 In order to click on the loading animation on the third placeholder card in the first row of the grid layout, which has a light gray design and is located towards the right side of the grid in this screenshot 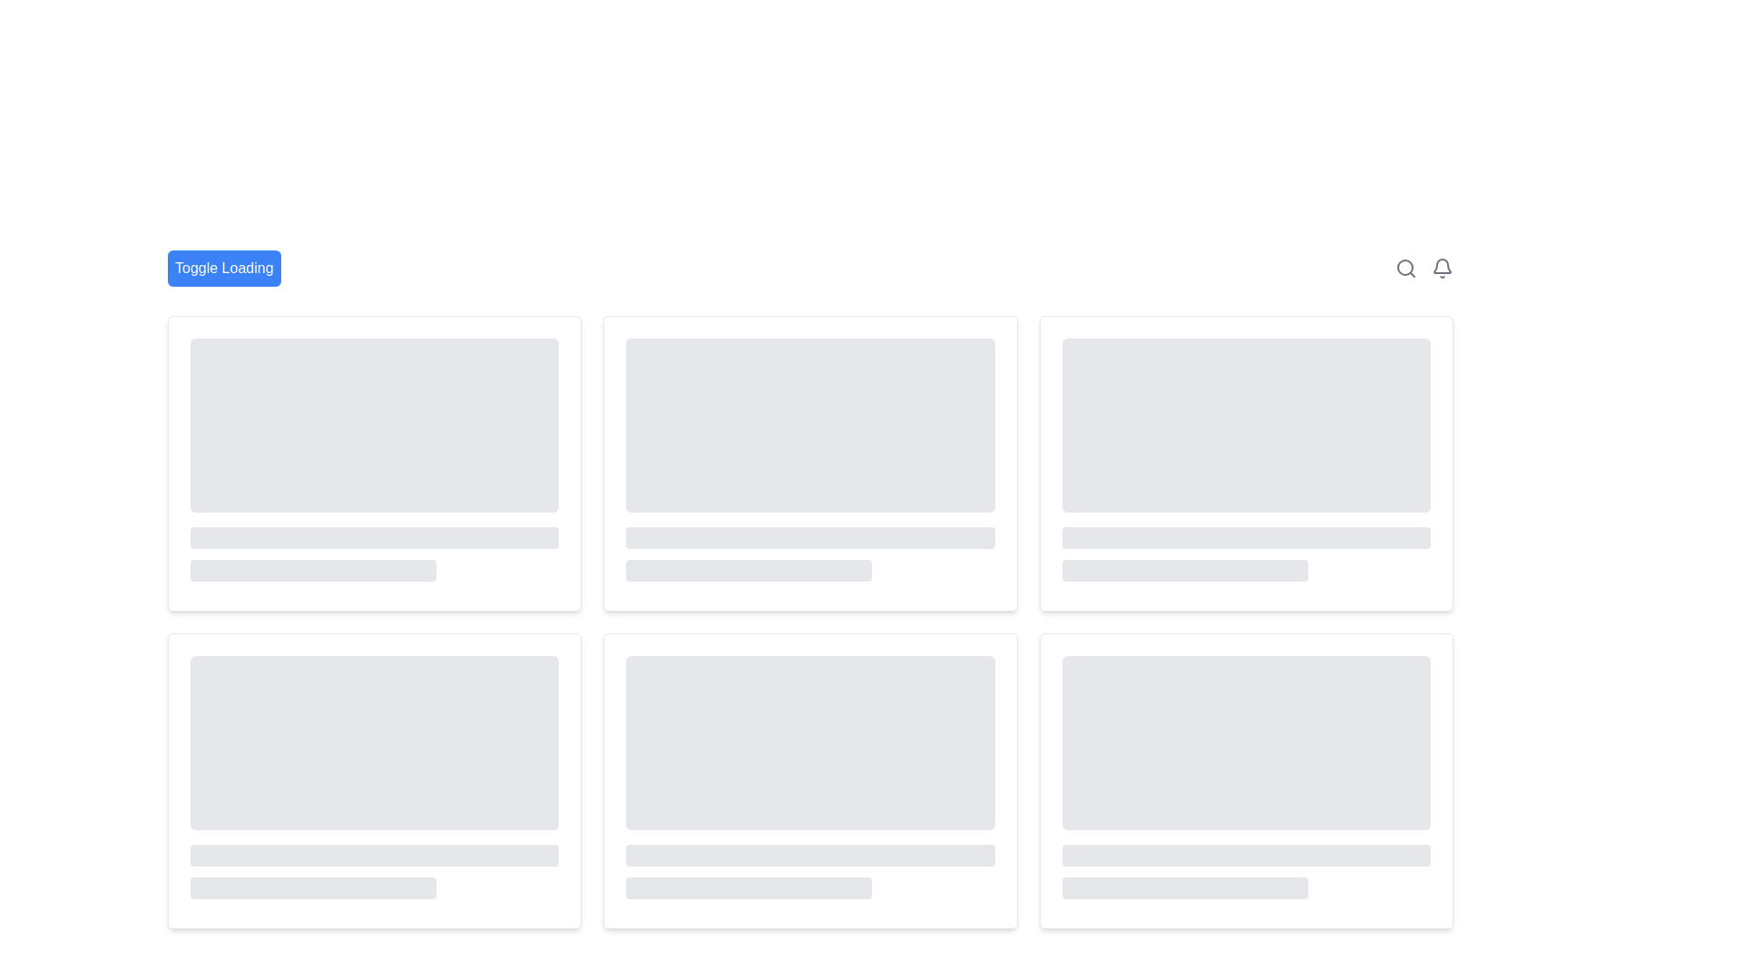, I will do `click(1245, 462)`.